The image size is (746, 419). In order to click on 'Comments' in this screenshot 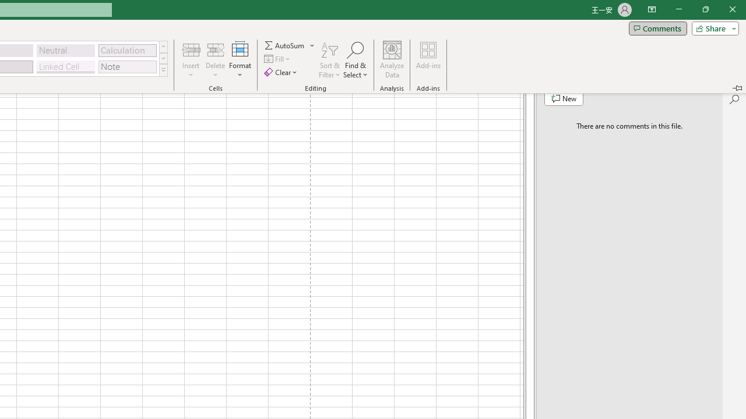, I will do `click(657, 27)`.